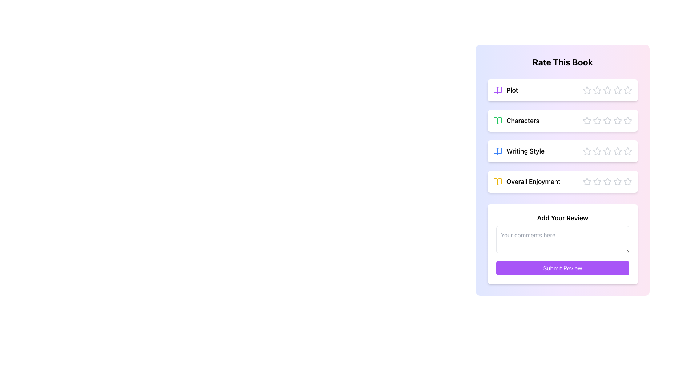 The image size is (698, 392). Describe the element at coordinates (607, 89) in the screenshot. I see `the second star in the star rating row labeled 'Plot' for rating a book` at that location.